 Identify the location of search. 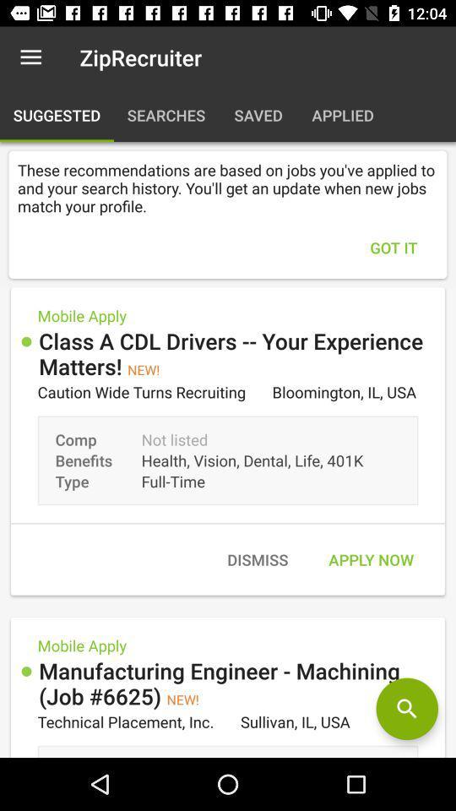
(406, 709).